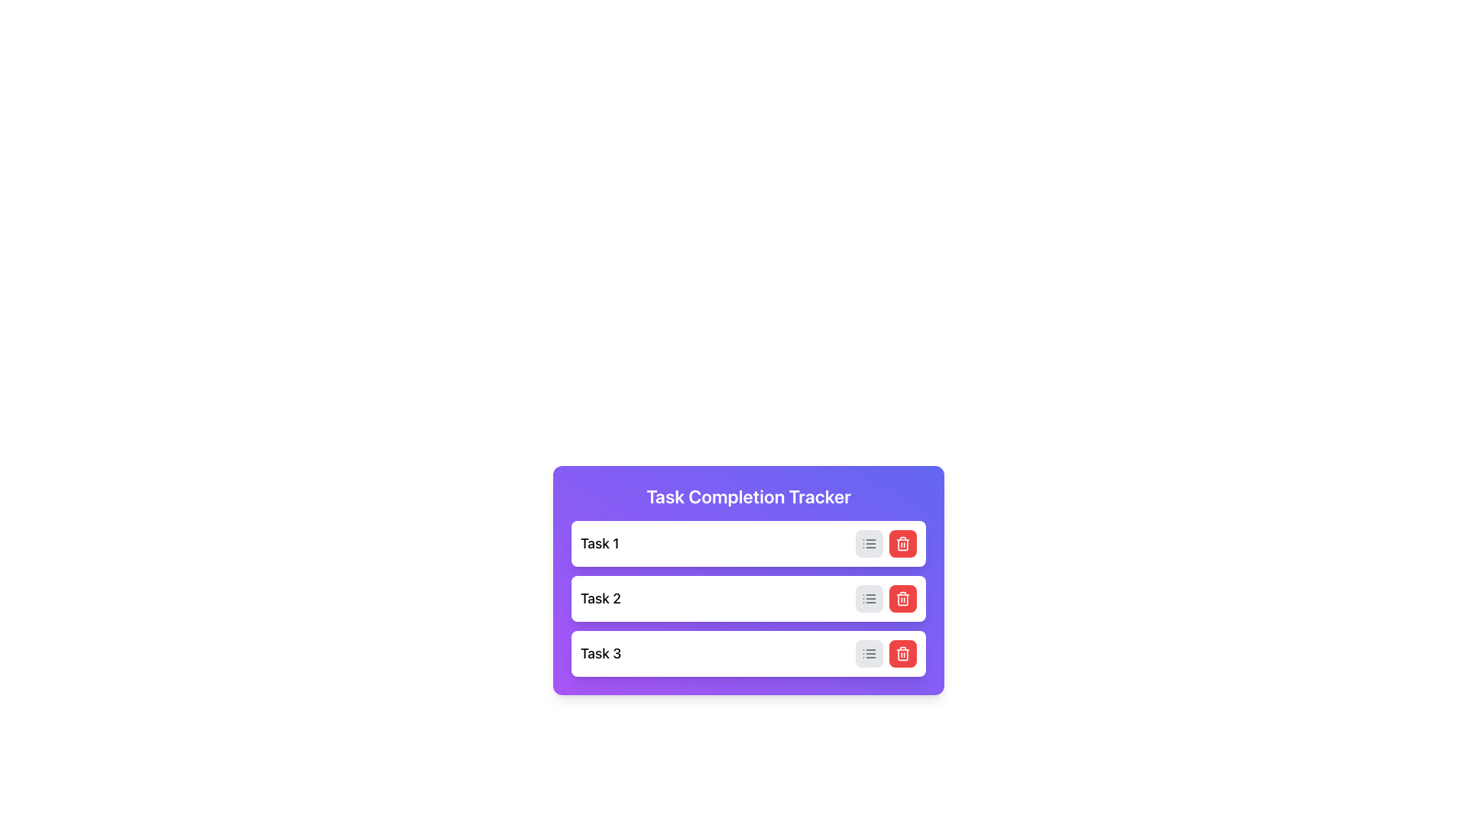 The width and height of the screenshot is (1467, 825). What do you see at coordinates (886, 543) in the screenshot?
I see `the control group containing two buttons styled with a gray background and an icon resembling a list, and a red background with a delete icon, located in the top right of the first task entry` at bounding box center [886, 543].